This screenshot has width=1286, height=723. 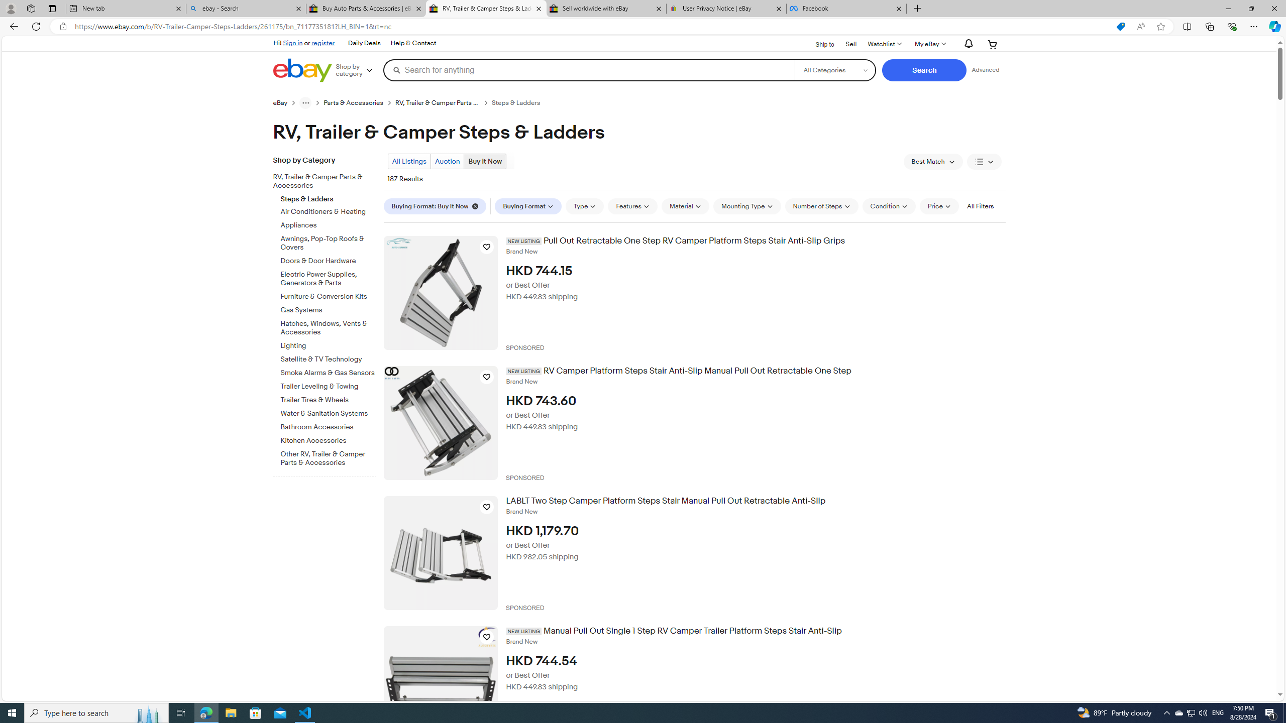 What do you see at coordinates (328, 371) in the screenshot?
I see `'Smoke Alarms & Gas Sensors'` at bounding box center [328, 371].